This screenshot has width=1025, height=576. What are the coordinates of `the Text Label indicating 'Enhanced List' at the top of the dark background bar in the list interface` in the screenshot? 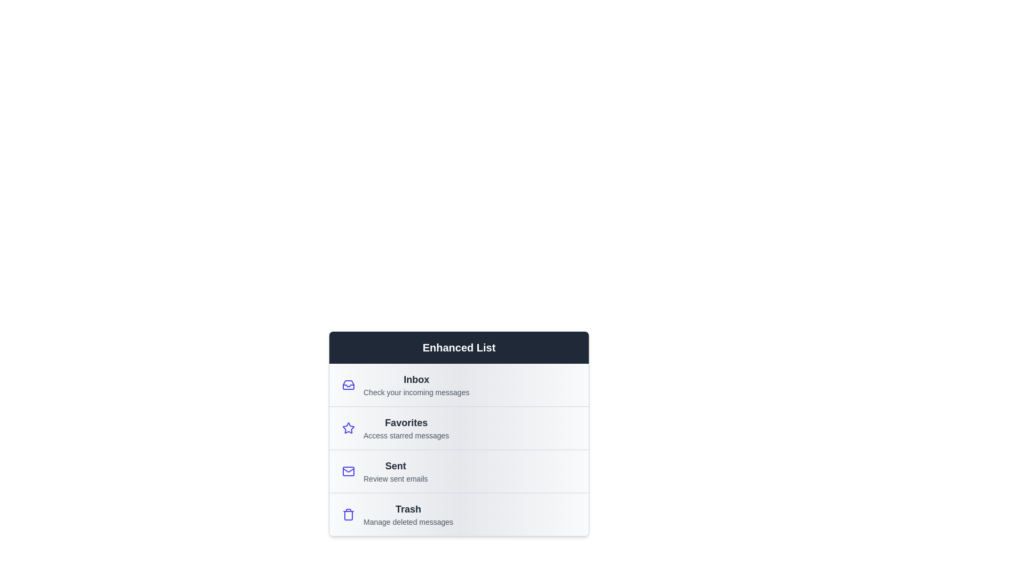 It's located at (459, 347).